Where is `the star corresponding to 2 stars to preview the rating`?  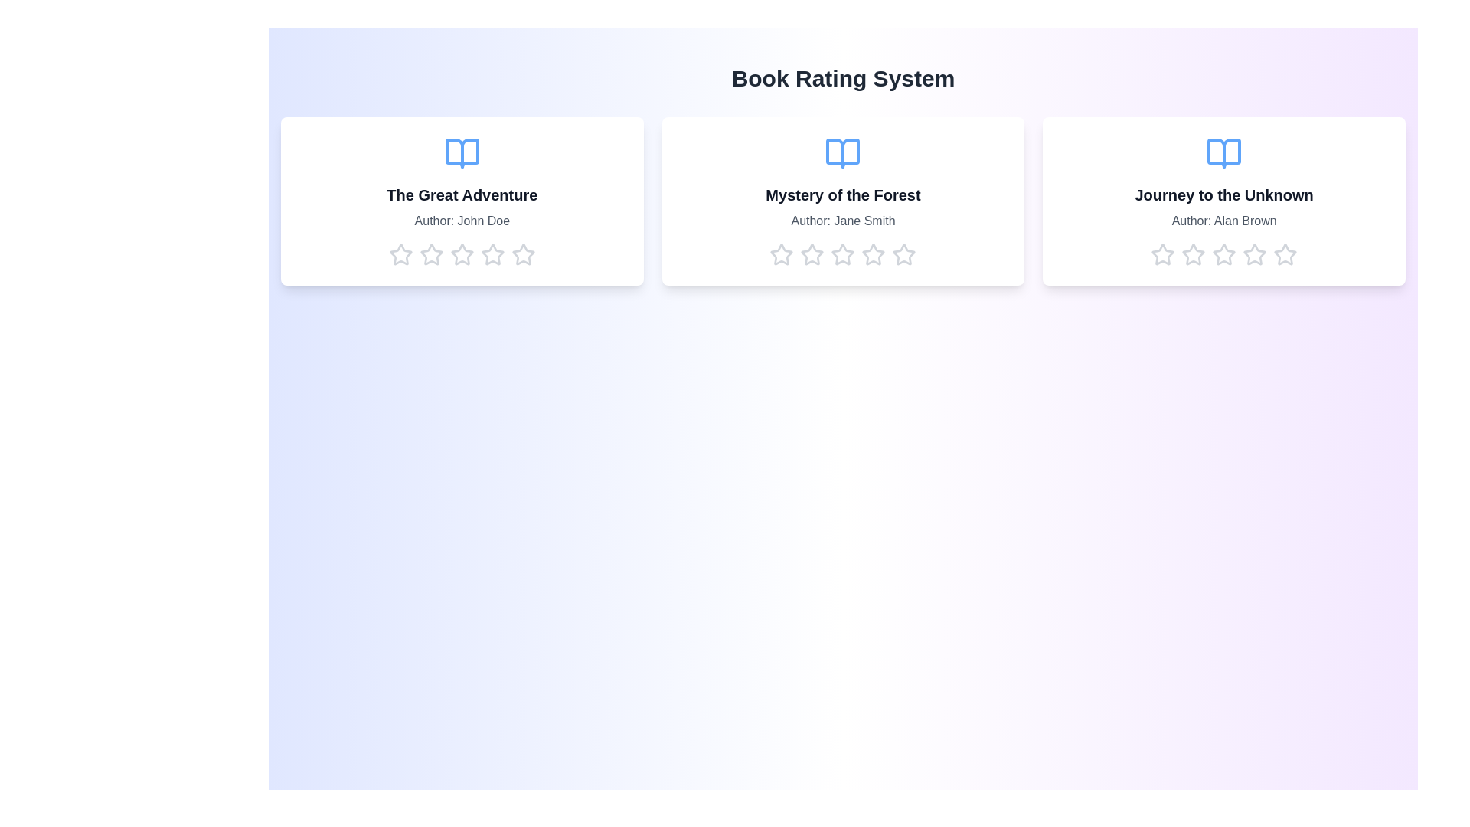 the star corresponding to 2 stars to preview the rating is located at coordinates (430, 253).